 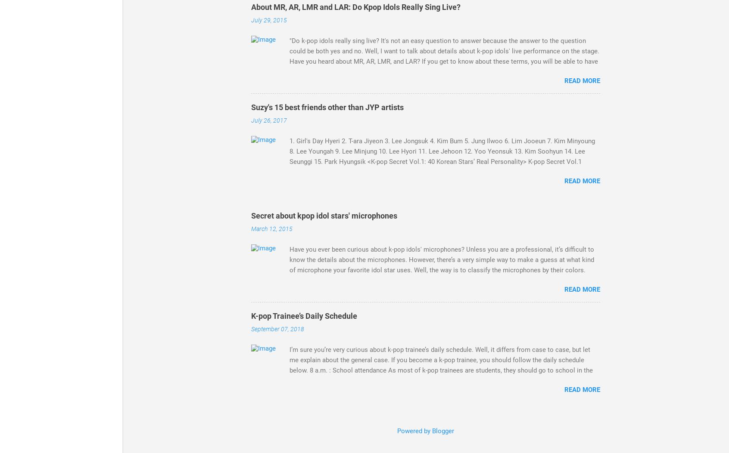 What do you see at coordinates (327, 107) in the screenshot?
I see `'Suzy's 15 best friends other than JYP artists'` at bounding box center [327, 107].